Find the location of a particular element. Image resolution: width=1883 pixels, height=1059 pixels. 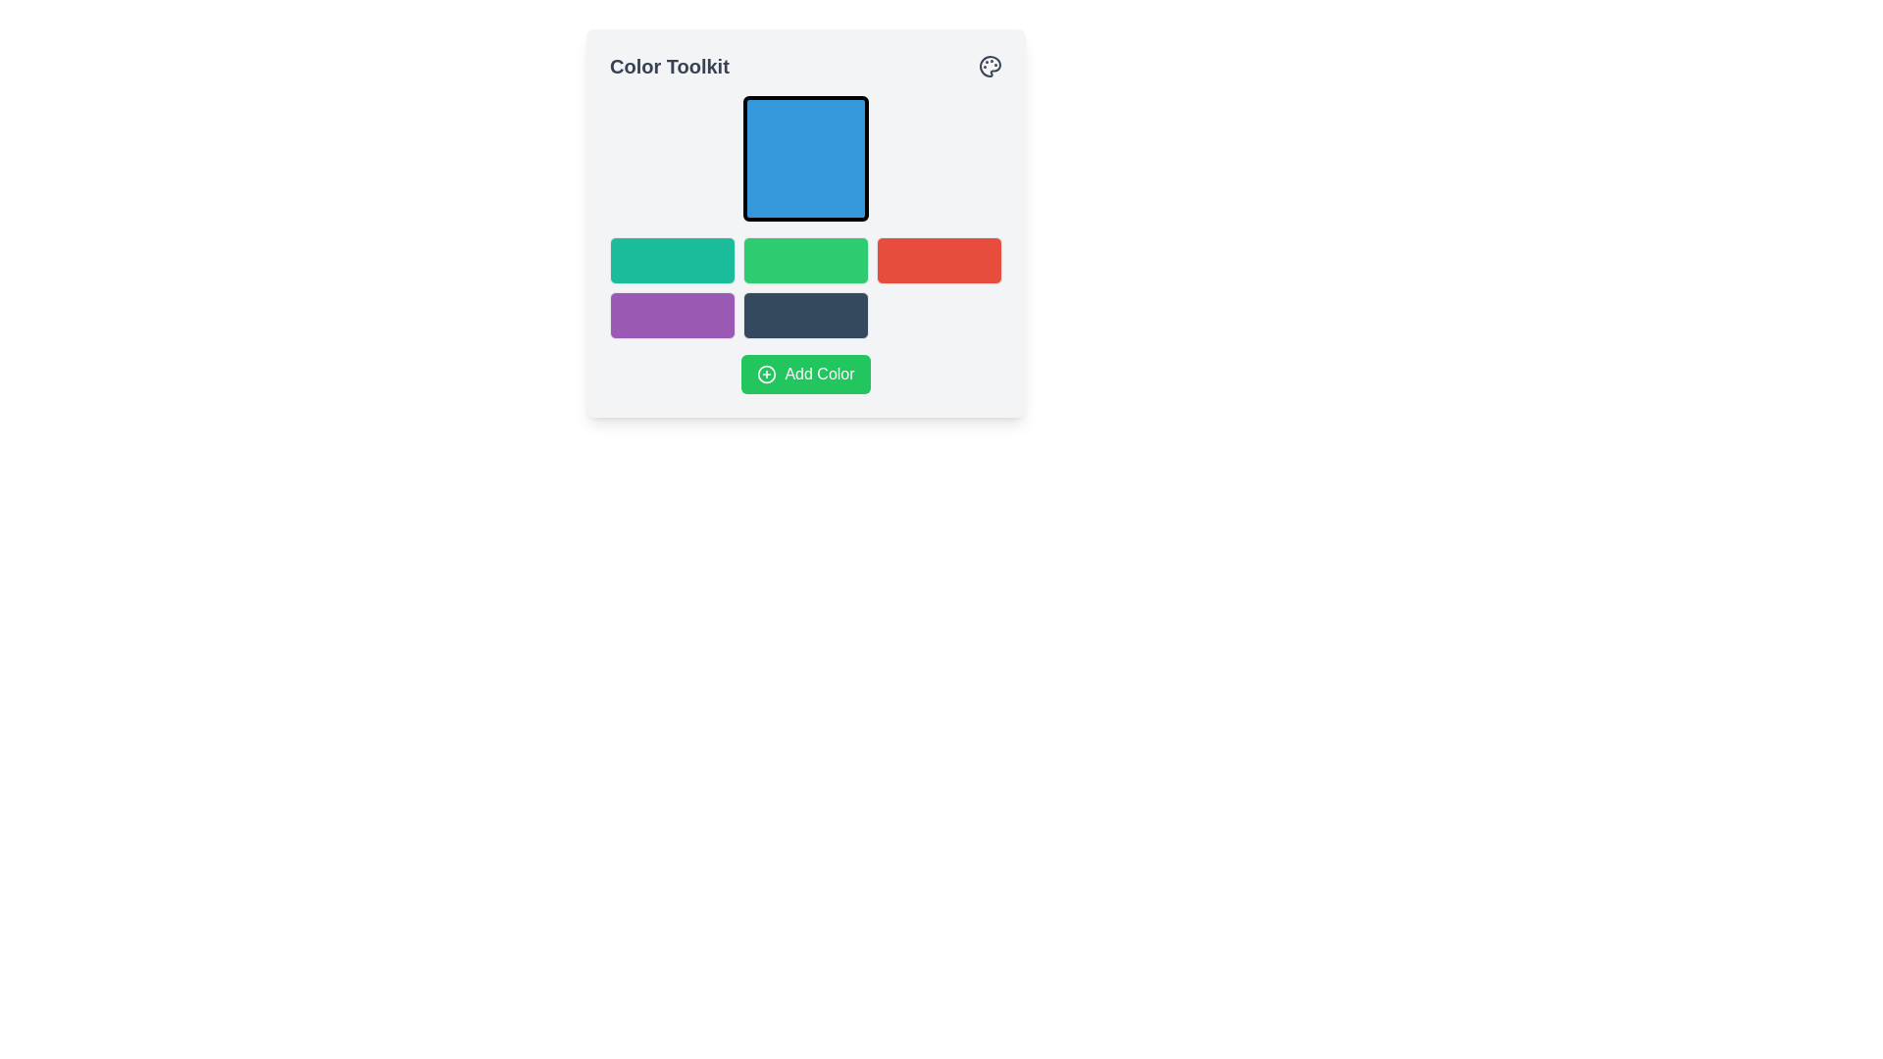

the decorative icon located in the top-right corner of the primary interface panel, above the title 'Color Toolkit' is located at coordinates (990, 66).